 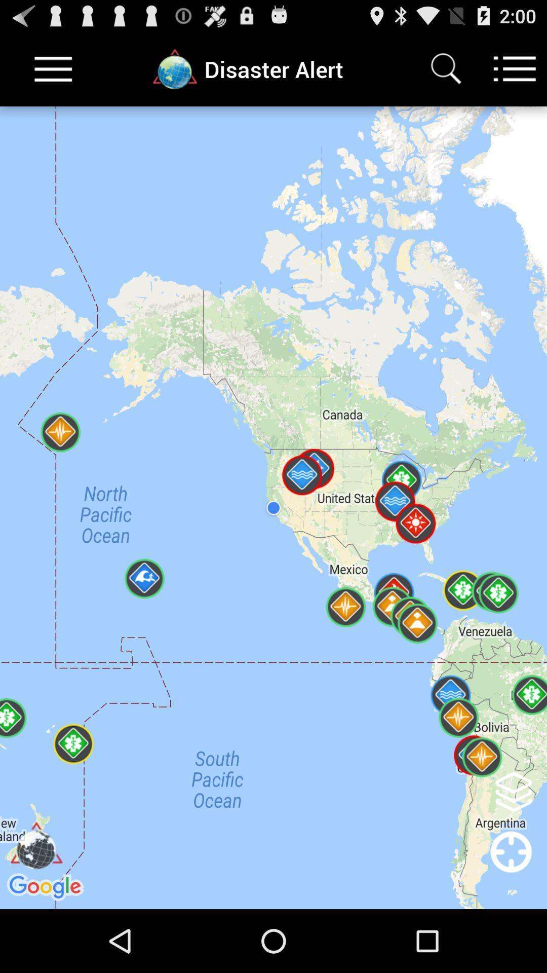 I want to click on recenter map, so click(x=511, y=865).